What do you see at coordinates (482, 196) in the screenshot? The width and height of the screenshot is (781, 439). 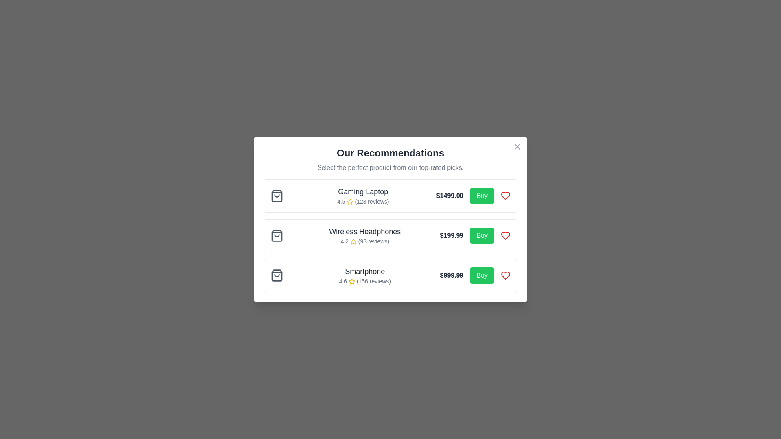 I see `the vibrant green 'Buy' button located to the right of the price label '$1499.00' for the gaming laptop to trigger hover effects` at bounding box center [482, 196].